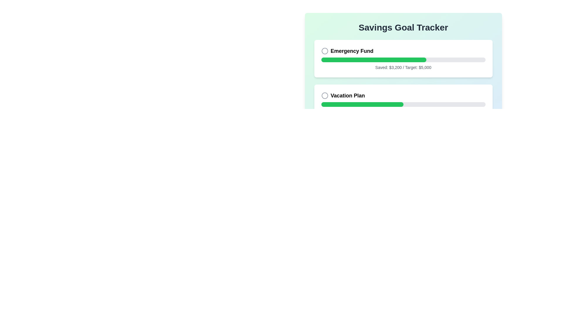 Image resolution: width=563 pixels, height=317 pixels. I want to click on the prominently displayed text header 'Savings Goal Tracker', which is styled in bold and large font with a dark gray color against a light gradient background, so click(403, 27).